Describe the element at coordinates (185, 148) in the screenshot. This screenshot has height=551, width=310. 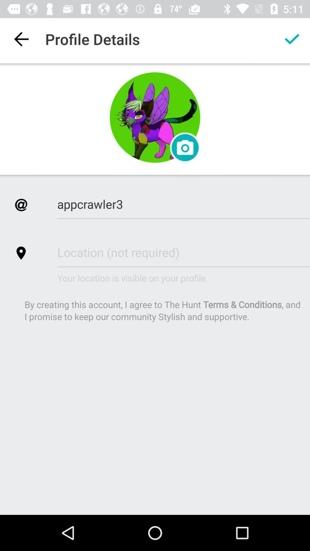
I see `the photo icon` at that location.